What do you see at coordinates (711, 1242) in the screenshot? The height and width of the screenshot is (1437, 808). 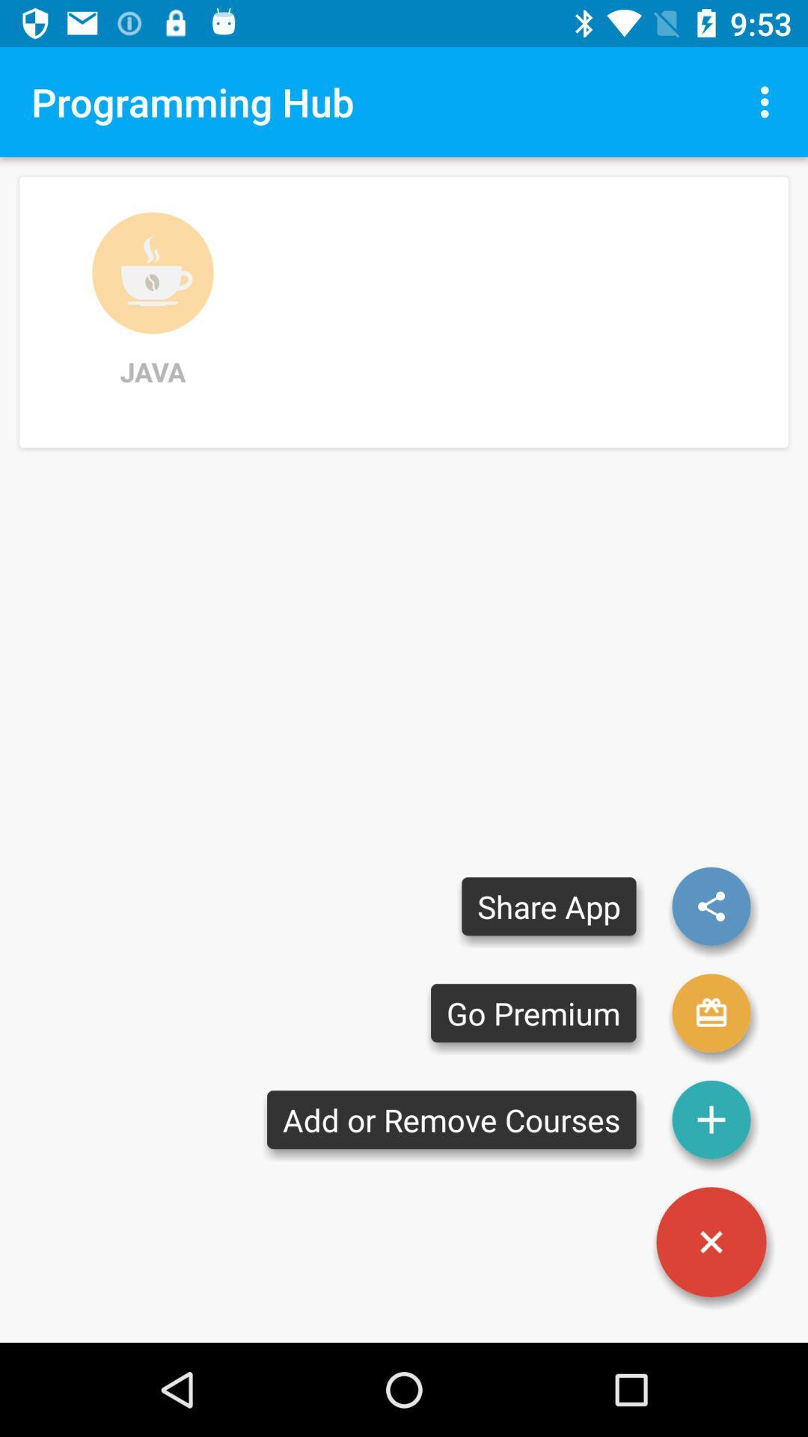 I see `icon to the right of the add or remove icon` at bounding box center [711, 1242].